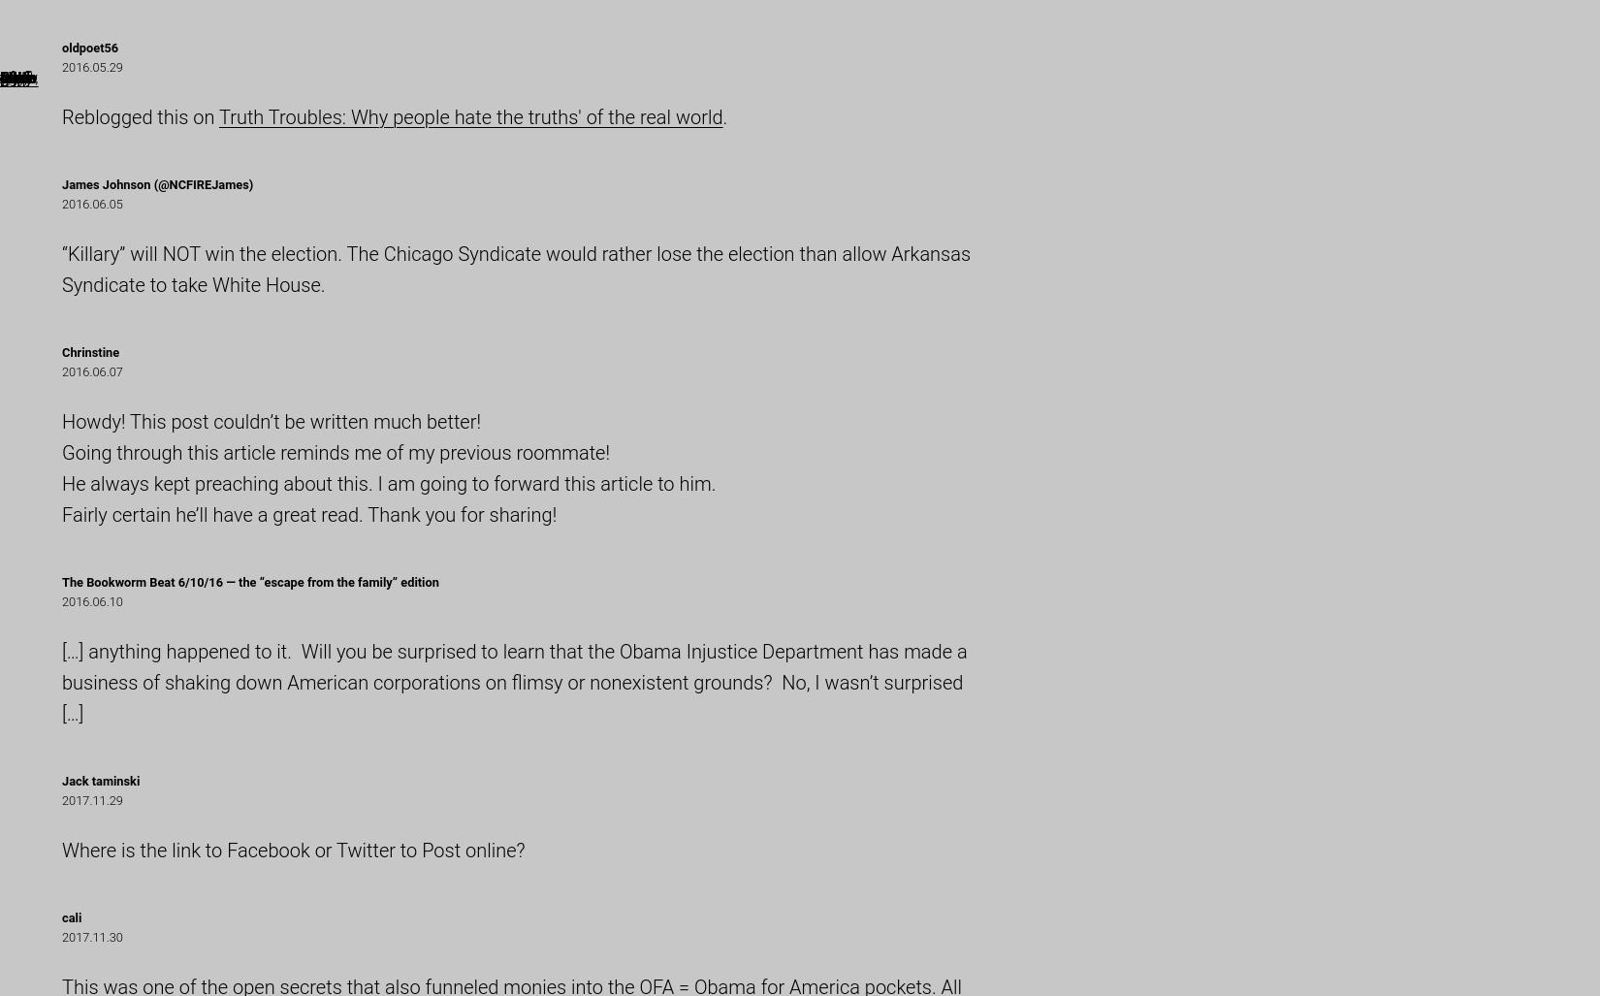 The width and height of the screenshot is (1600, 996). I want to click on '“Killary” will NOT win the election. The Chicago Syndicate would rather lose the election than allow Arkansas Syndicate to take White House.', so click(515, 268).